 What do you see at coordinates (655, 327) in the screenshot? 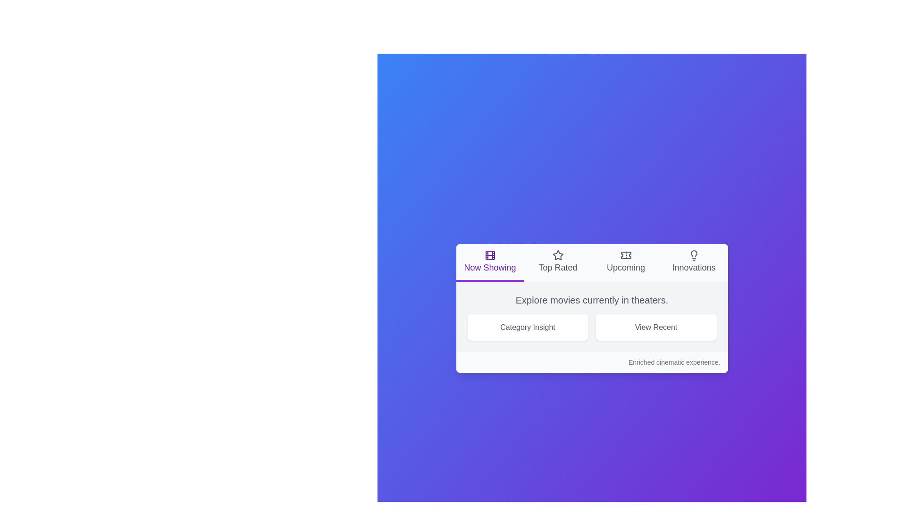
I see `the second button` at bounding box center [655, 327].